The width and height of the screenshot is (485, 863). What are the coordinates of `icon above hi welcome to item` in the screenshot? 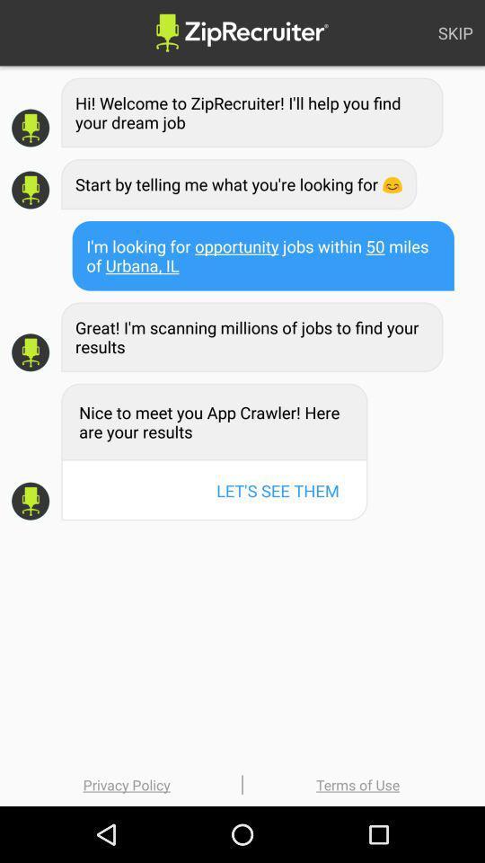 It's located at (455, 31).